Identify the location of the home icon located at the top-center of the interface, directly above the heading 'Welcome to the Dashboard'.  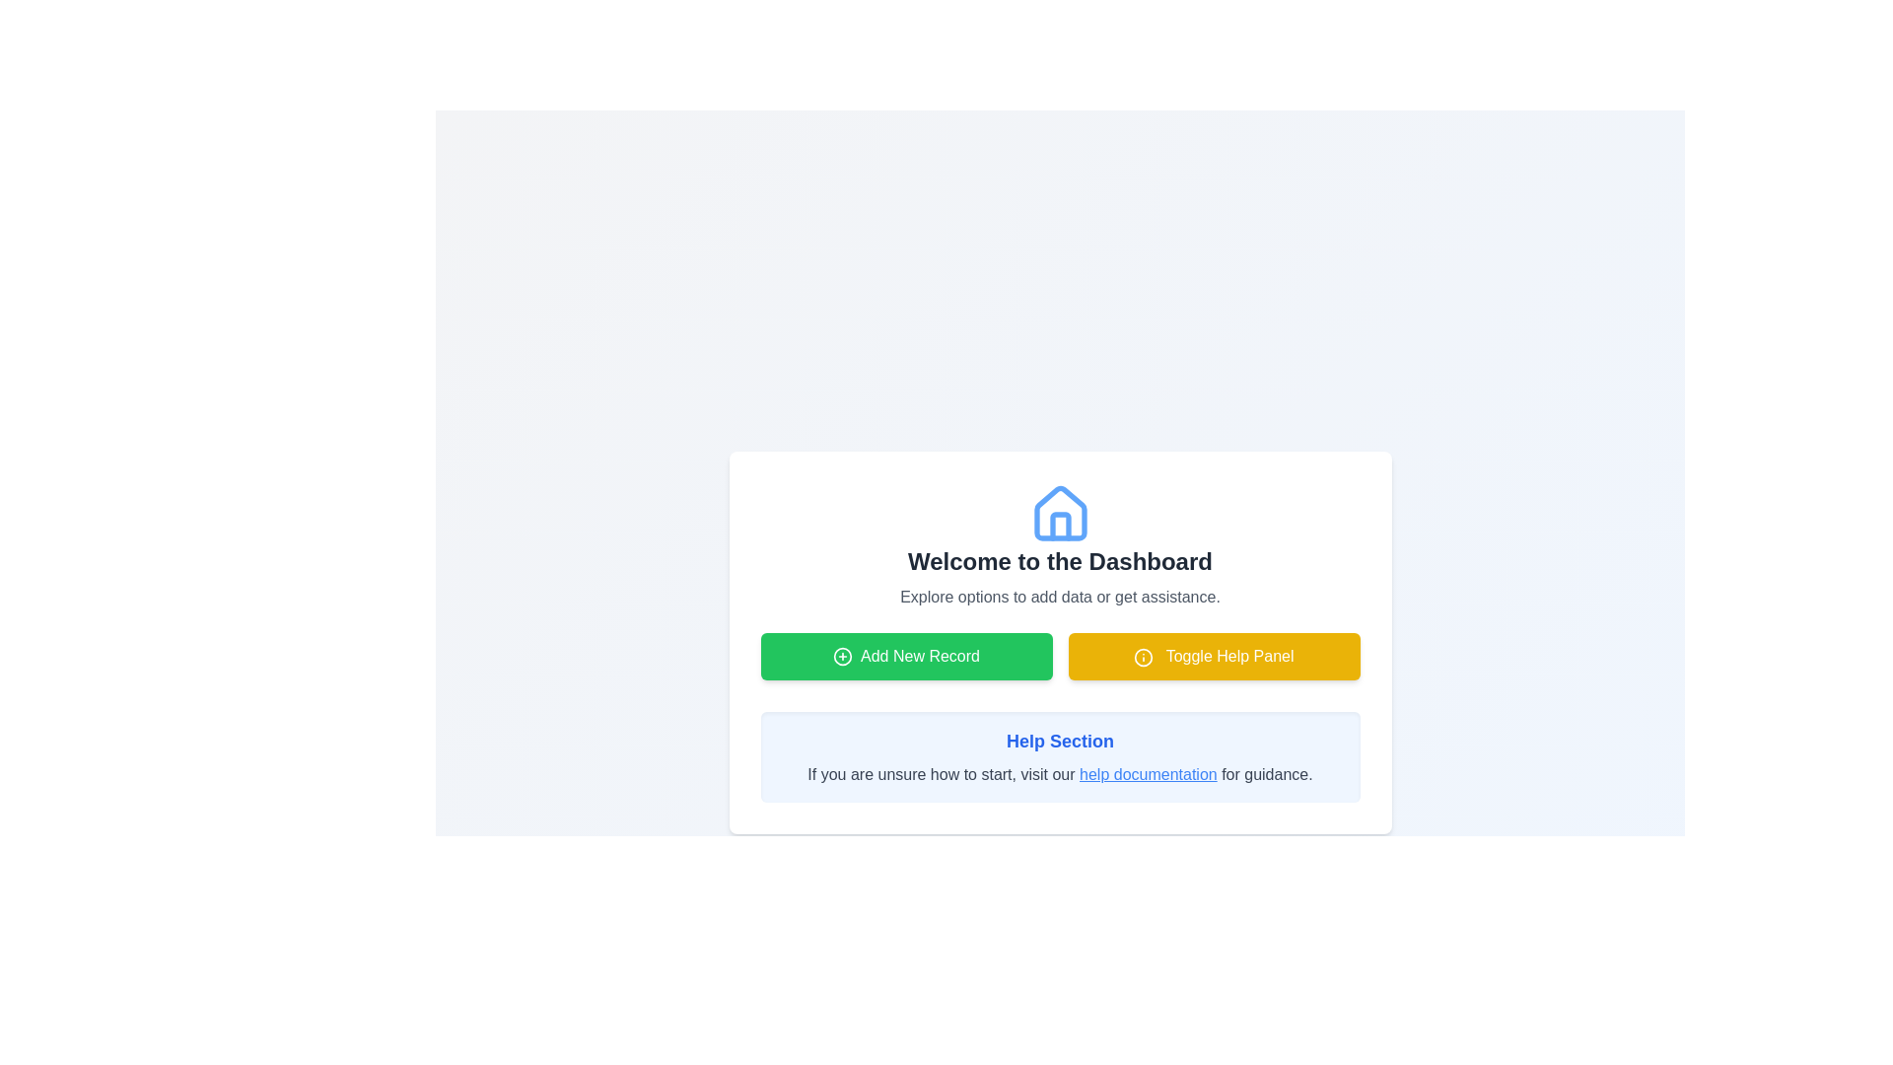
(1059, 513).